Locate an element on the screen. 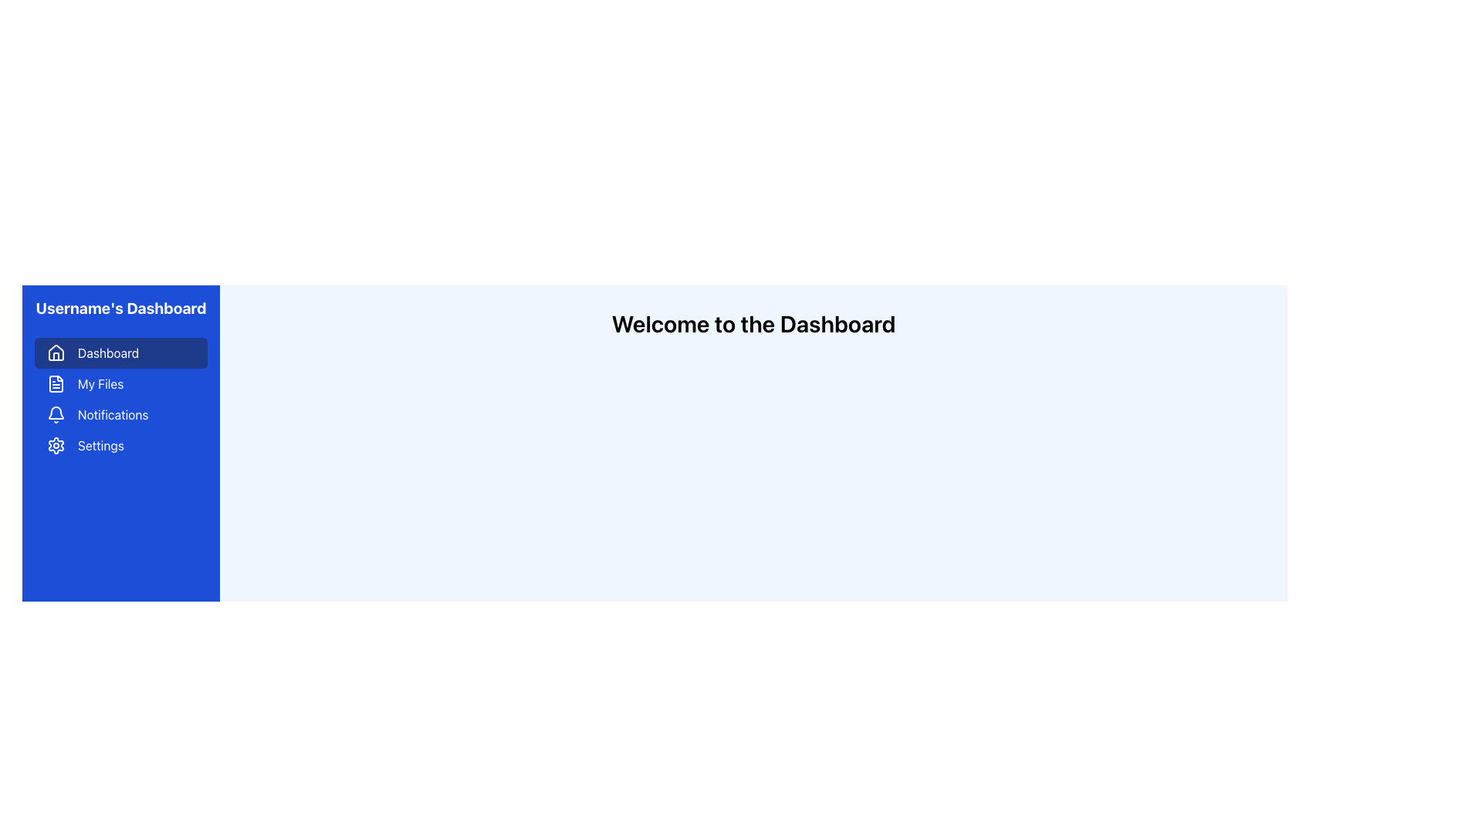  the settings icon located in the left sidebar of the dashboard interface, positioned below the circular shape and adjacent to the label 'Settings' is located at coordinates (56, 446).